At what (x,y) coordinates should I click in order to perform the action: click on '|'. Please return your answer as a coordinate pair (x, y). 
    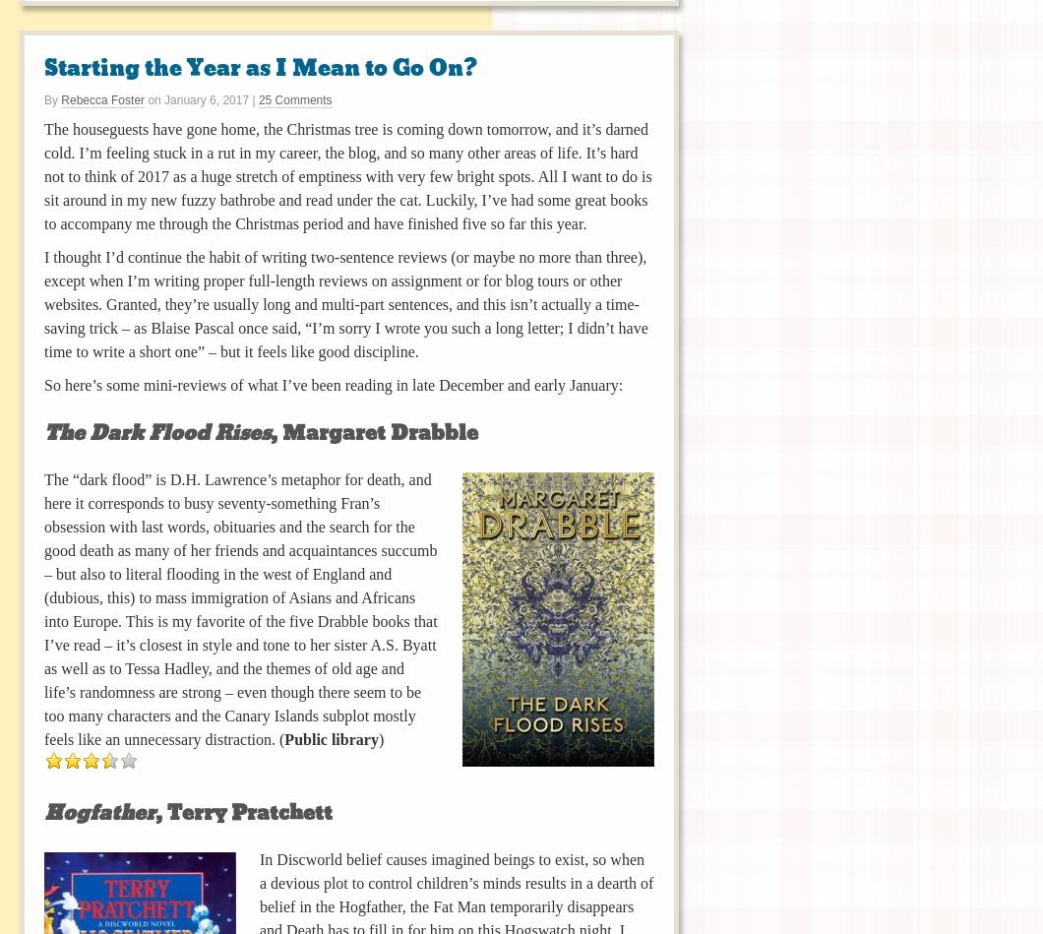
    Looking at the image, I should click on (248, 98).